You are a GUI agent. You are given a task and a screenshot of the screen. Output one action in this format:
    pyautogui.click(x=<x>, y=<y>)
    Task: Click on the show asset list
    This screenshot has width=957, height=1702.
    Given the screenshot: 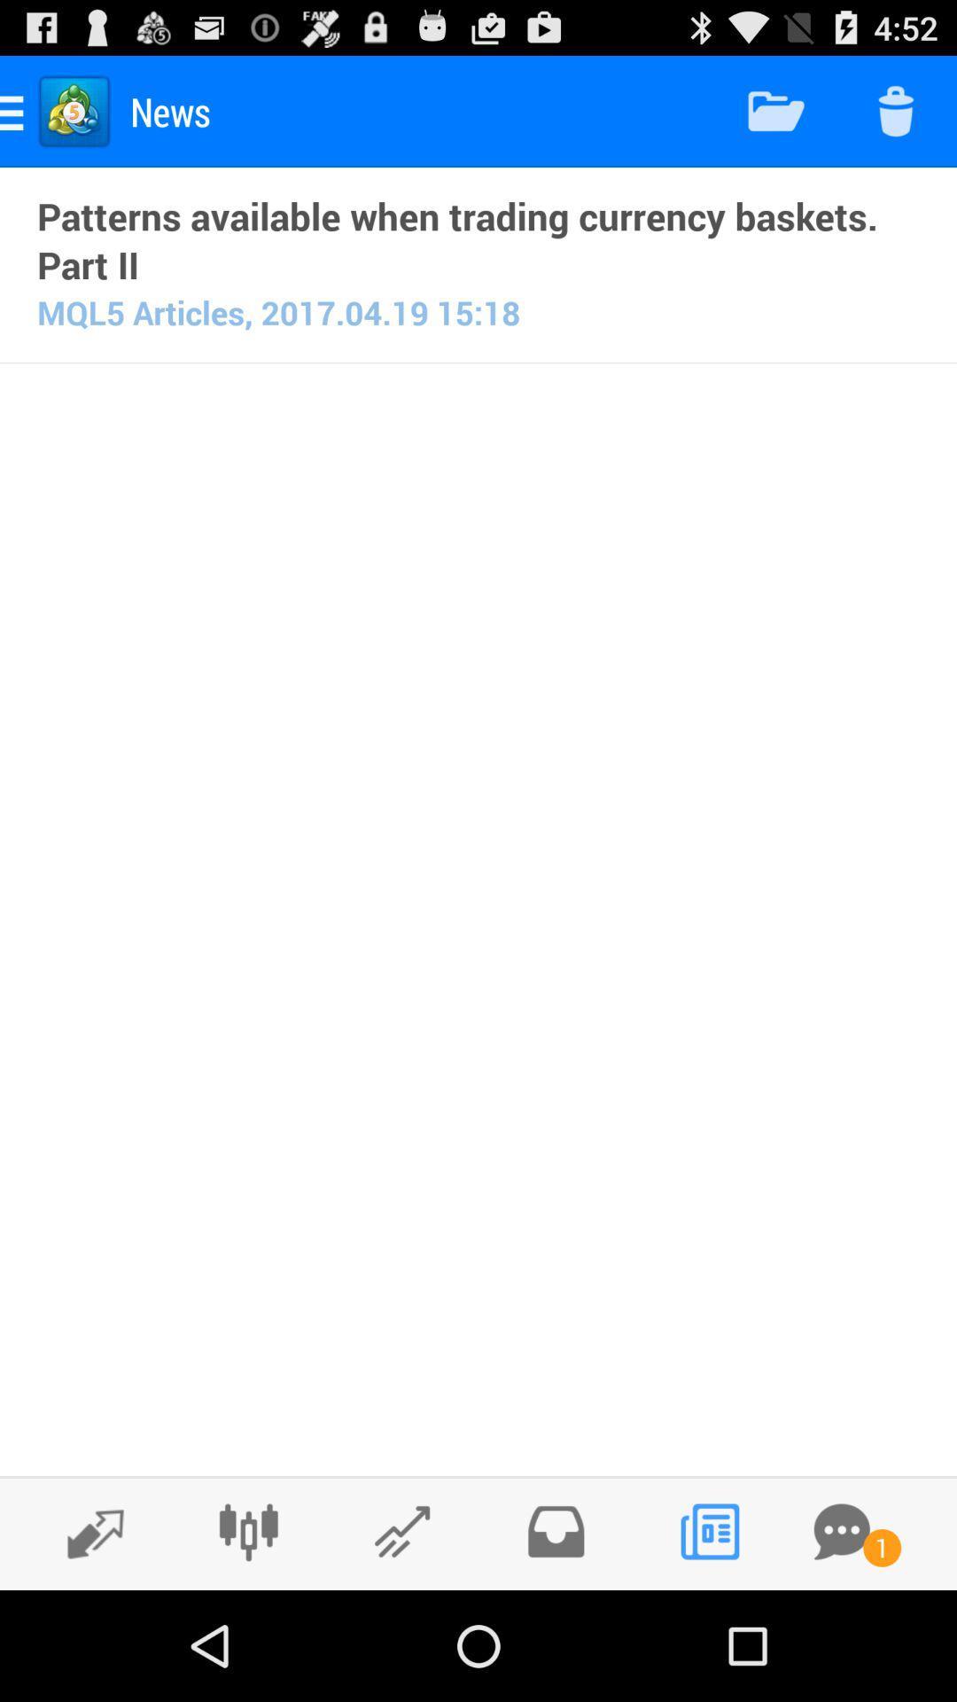 What is the action you would take?
    pyautogui.click(x=86, y=1532)
    